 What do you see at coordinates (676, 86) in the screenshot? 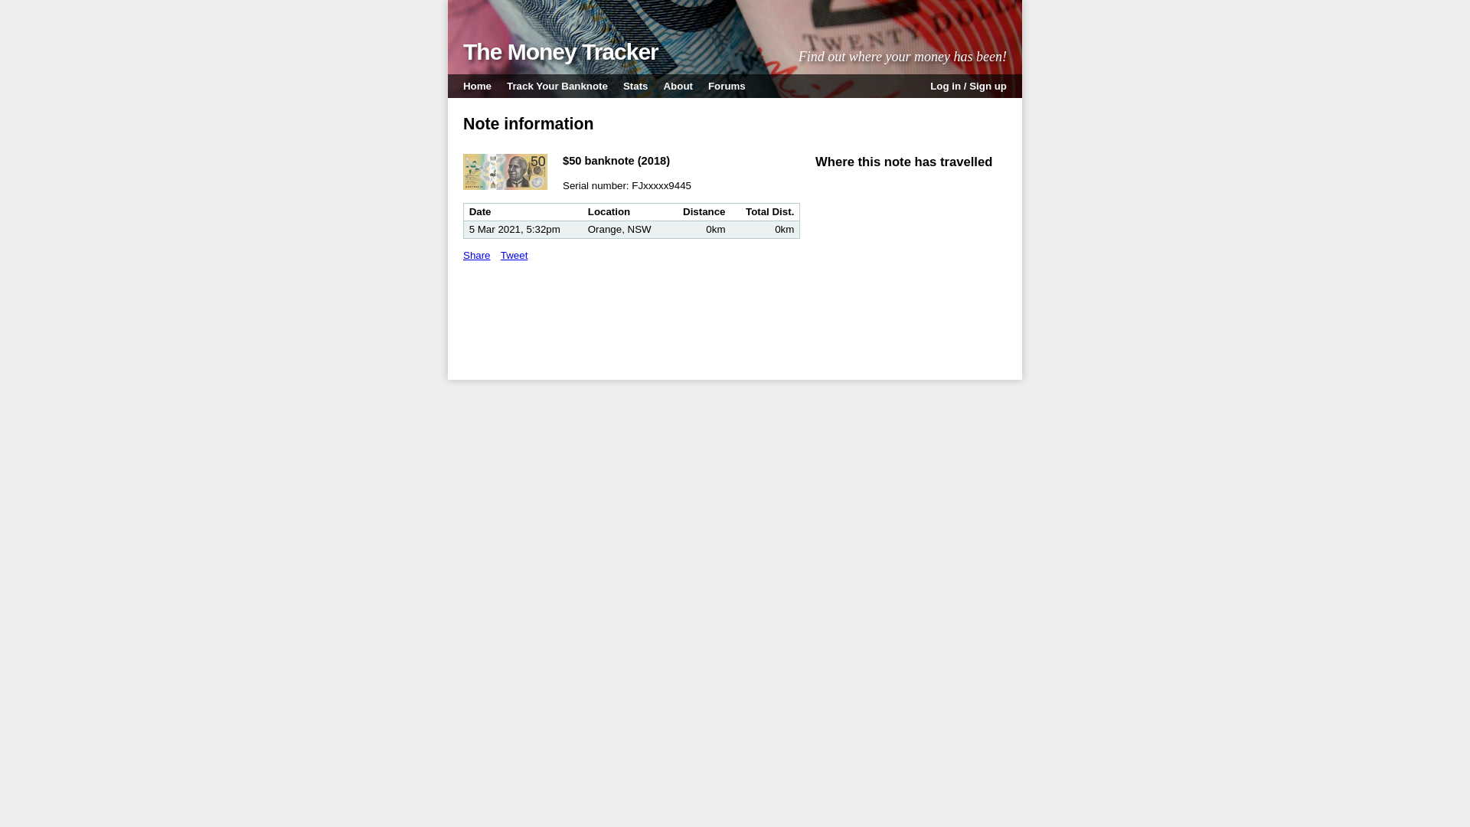
I see `'About'` at bounding box center [676, 86].